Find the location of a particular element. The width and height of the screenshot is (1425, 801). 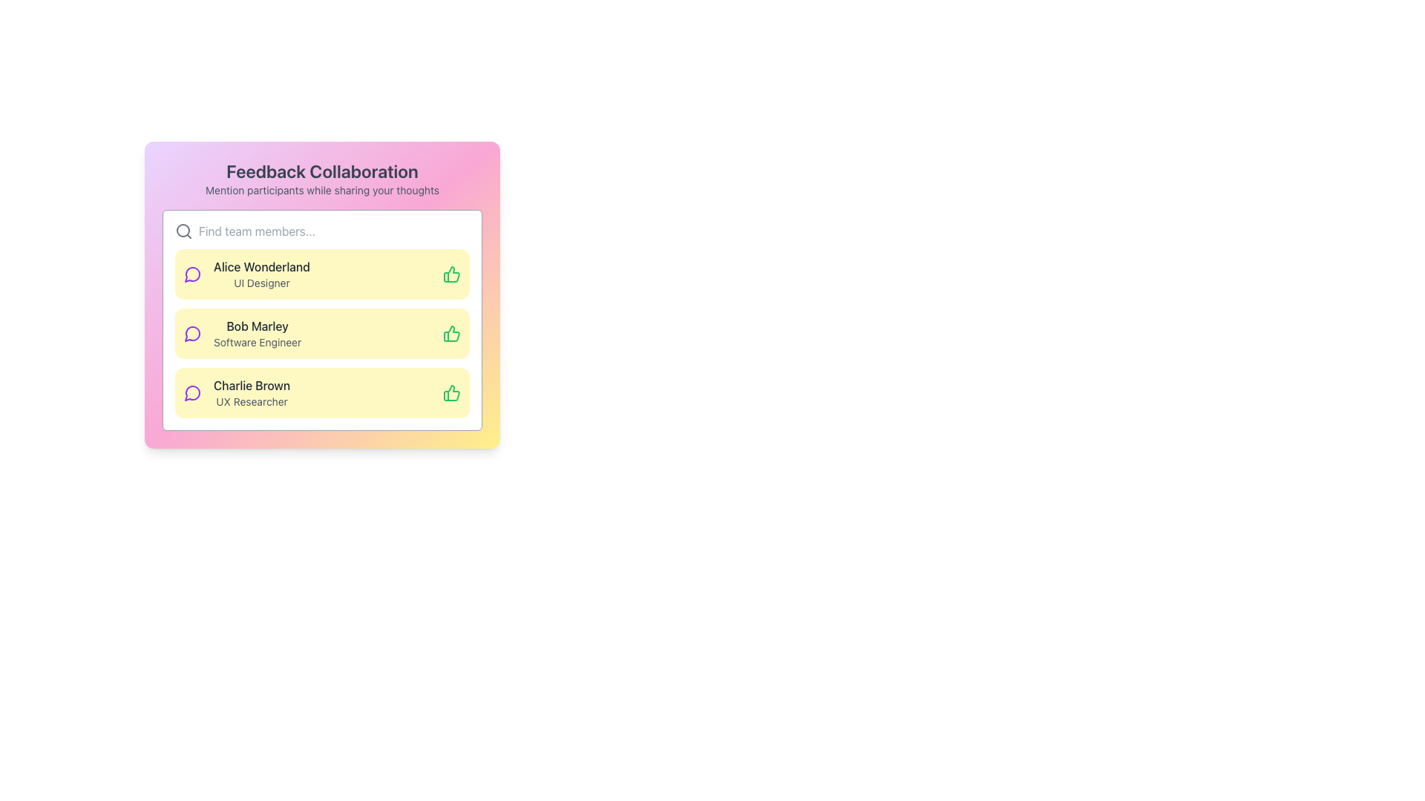

the messaging icon located as the first icon on the left side of the first row within a list of selectable user entries is located at coordinates (191, 274).